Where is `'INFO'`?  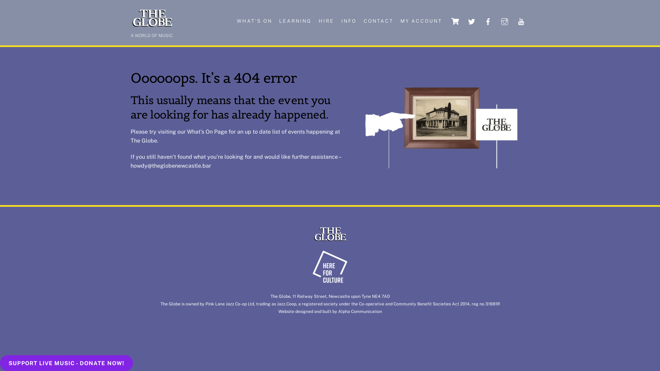 'INFO' is located at coordinates (349, 21).